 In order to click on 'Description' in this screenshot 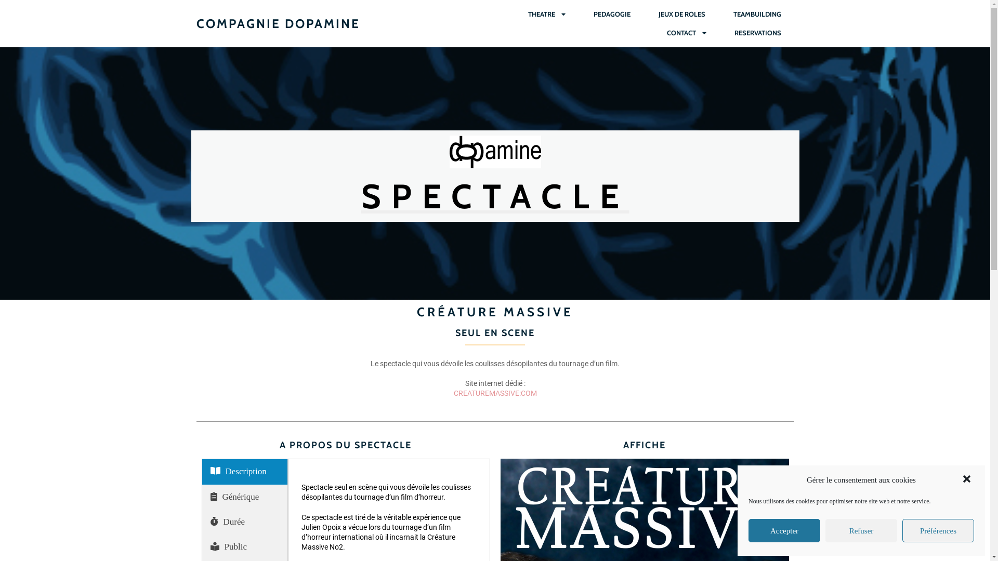, I will do `click(202, 471)`.